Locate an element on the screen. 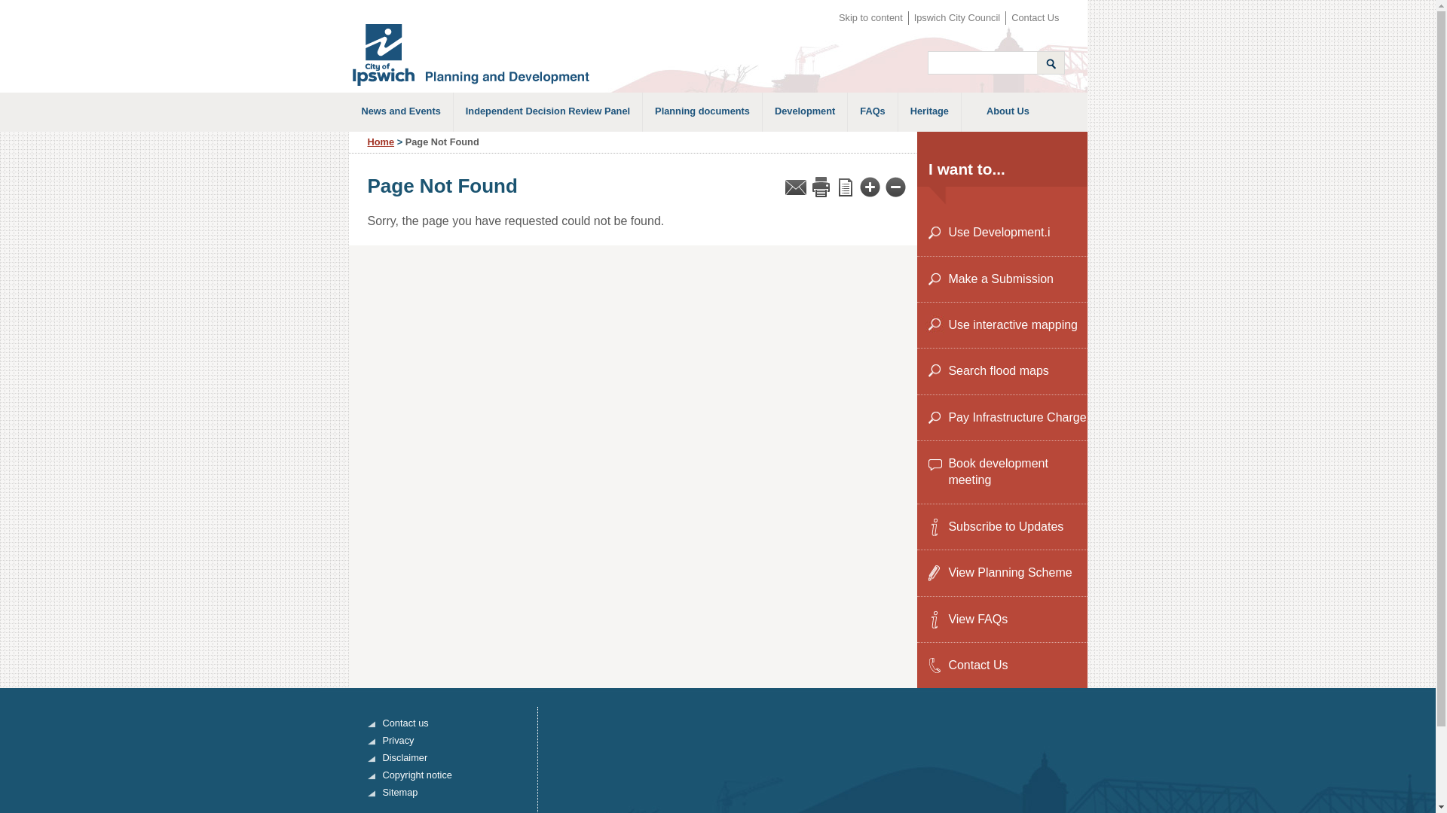 Image resolution: width=1447 pixels, height=813 pixels. 'Pay Infrastructure Charge' is located at coordinates (925, 418).